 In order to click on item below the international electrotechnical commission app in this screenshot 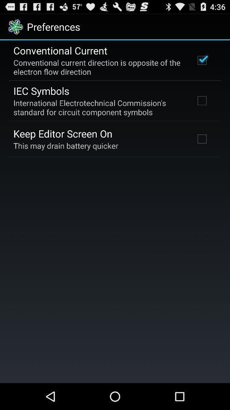, I will do `click(62, 133)`.